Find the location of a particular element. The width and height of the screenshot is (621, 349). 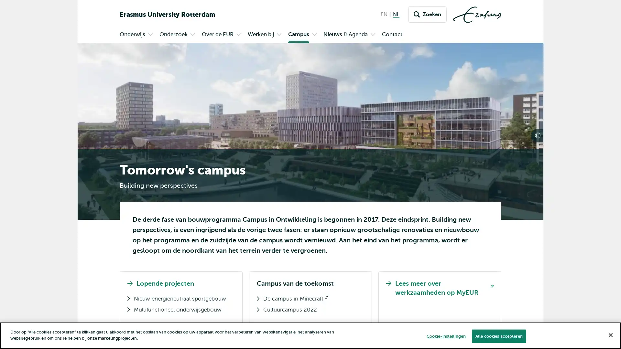

Open submenu is located at coordinates (314, 35).